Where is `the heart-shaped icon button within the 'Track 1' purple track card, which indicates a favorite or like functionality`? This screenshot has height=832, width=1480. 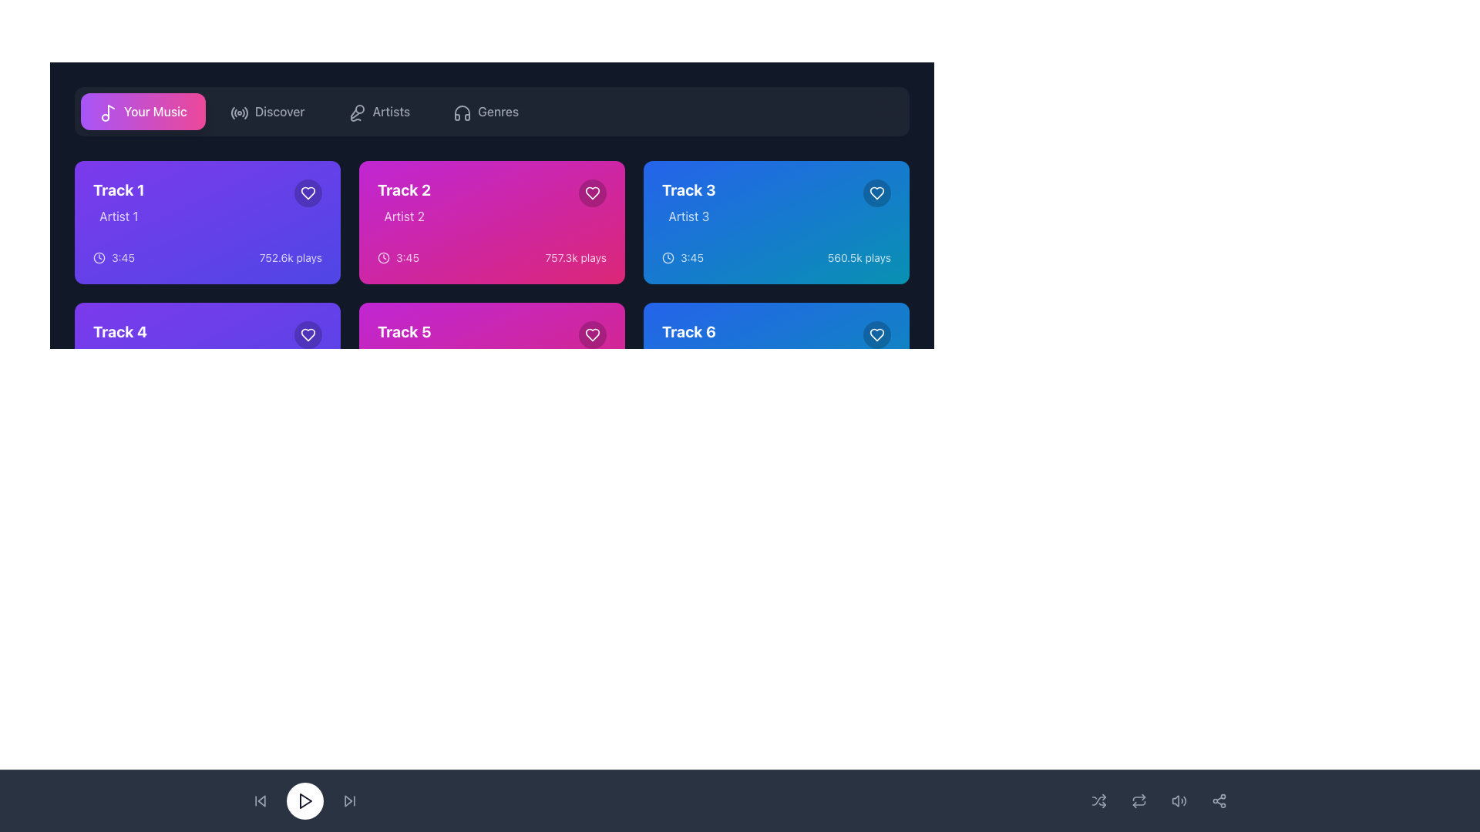
the heart-shaped icon button within the 'Track 1' purple track card, which indicates a favorite or like functionality is located at coordinates (308, 192).